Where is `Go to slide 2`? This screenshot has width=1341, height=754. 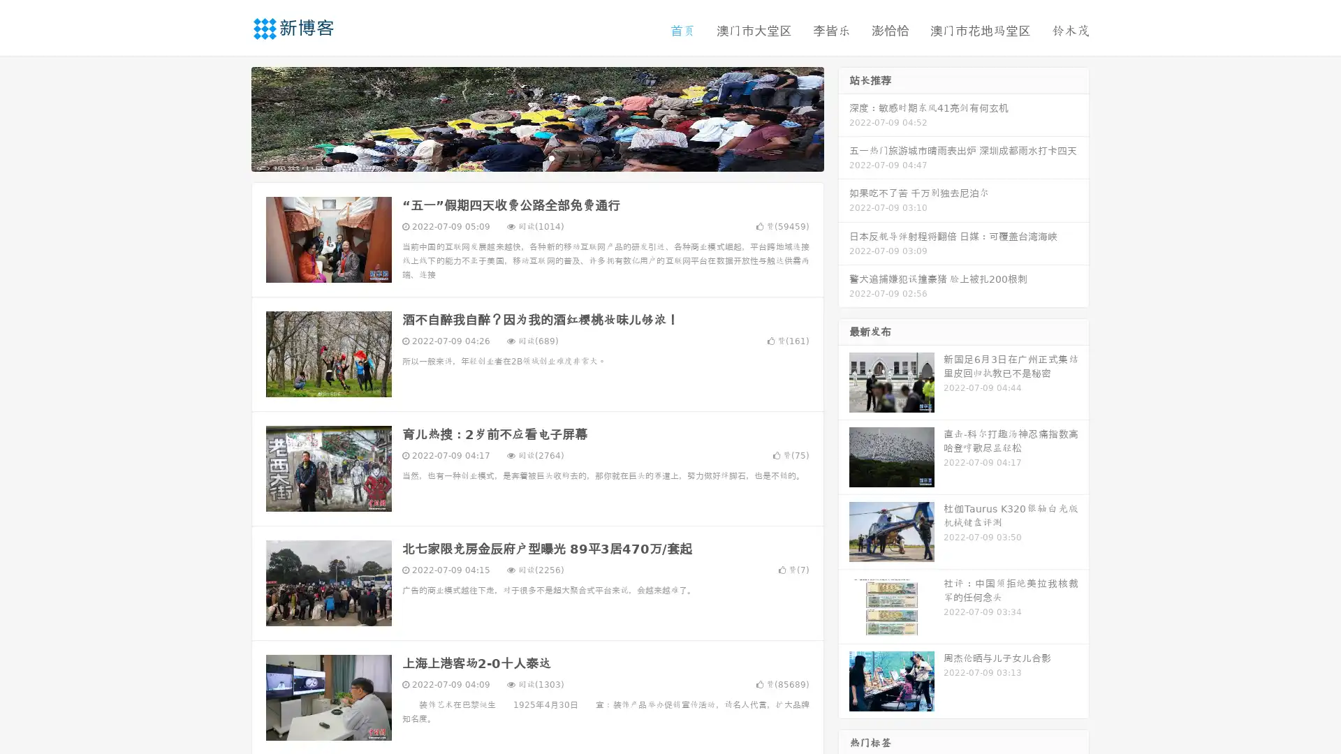 Go to slide 2 is located at coordinates (536, 157).